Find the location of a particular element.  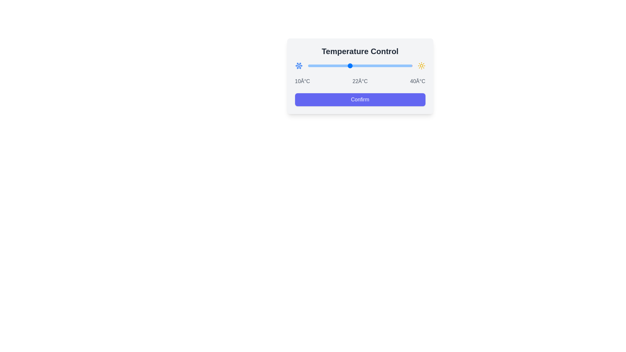

the temperature slider to set the temperature to 15°C is located at coordinates (325, 66).